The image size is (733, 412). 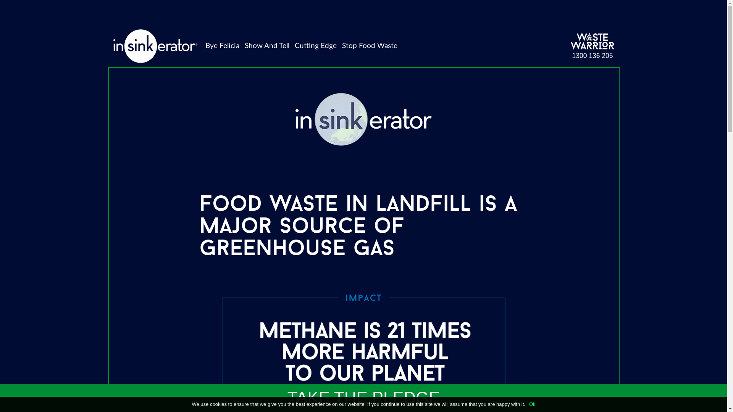 I want to click on 'Show And Tell', so click(x=241, y=46).